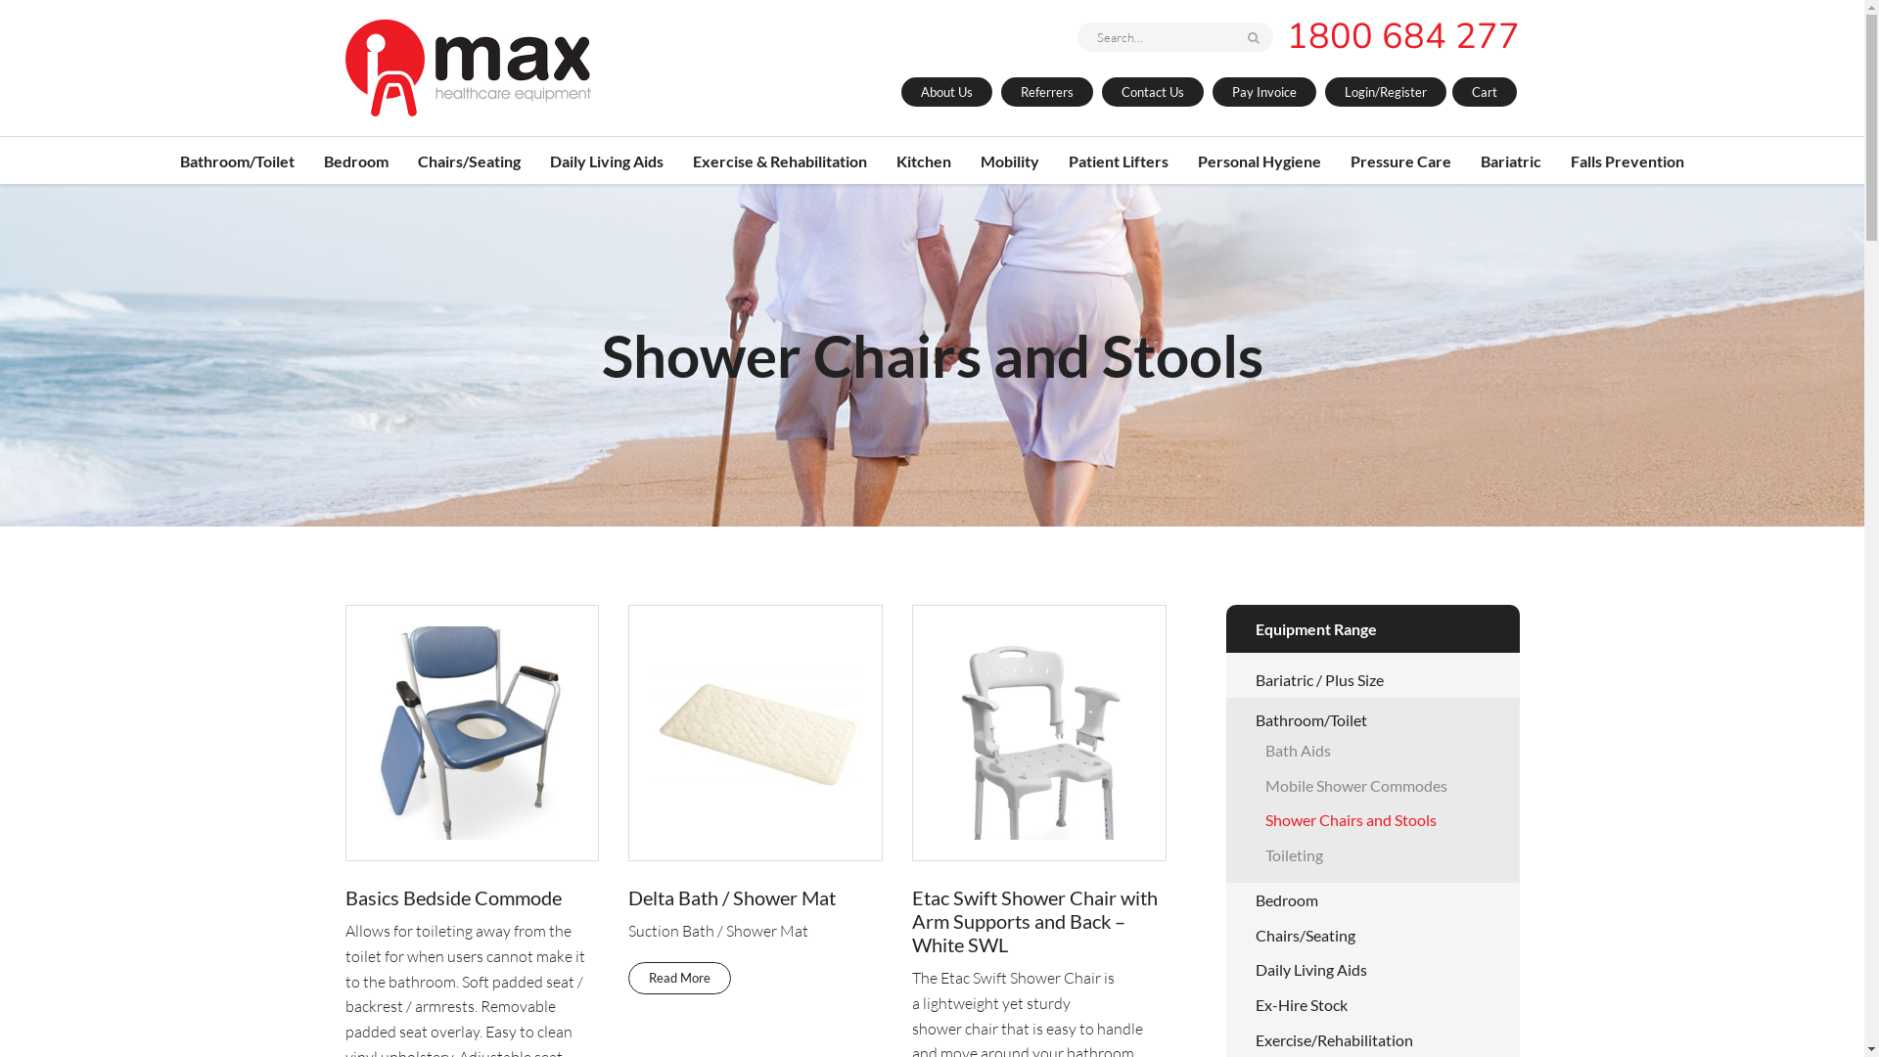 The width and height of the screenshot is (1879, 1057). I want to click on 'Mobility', so click(1010, 160).